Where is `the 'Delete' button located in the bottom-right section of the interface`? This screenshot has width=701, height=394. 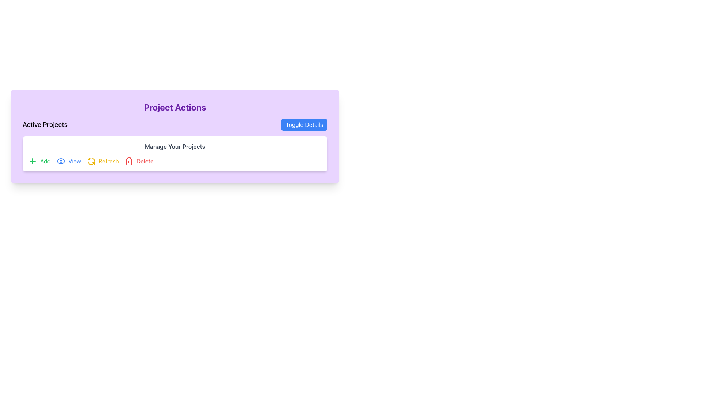
the 'Delete' button located in the bottom-right section of the interface is located at coordinates (139, 161).